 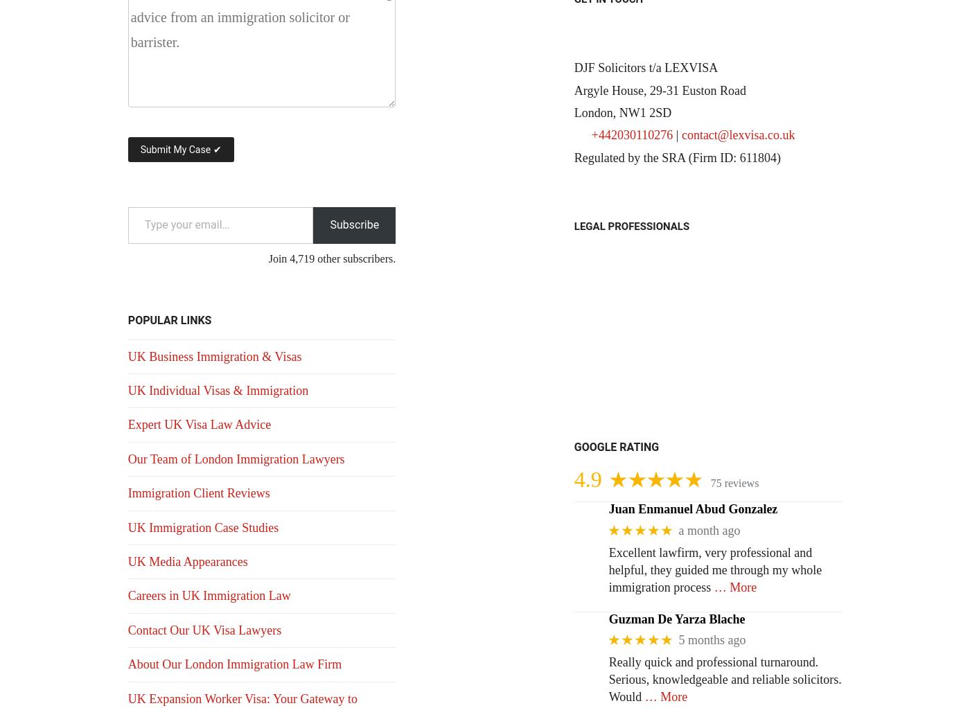 What do you see at coordinates (198, 493) in the screenshot?
I see `'Immigration Client Reviews'` at bounding box center [198, 493].